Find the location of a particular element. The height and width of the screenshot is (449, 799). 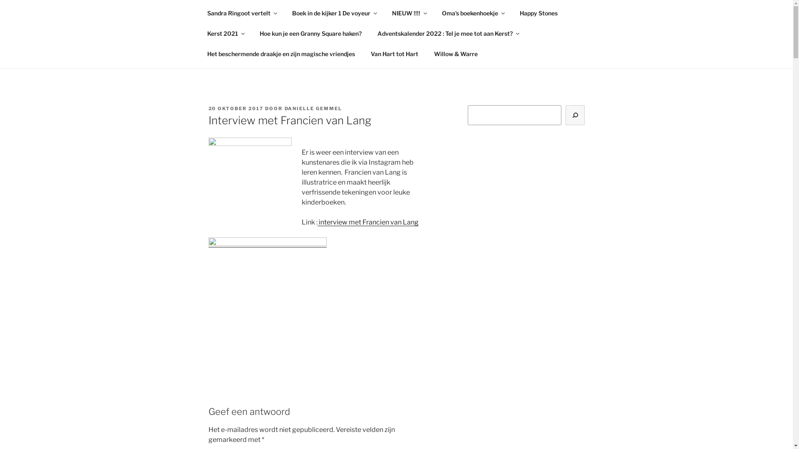

'Willow & Warre' is located at coordinates (455, 53).